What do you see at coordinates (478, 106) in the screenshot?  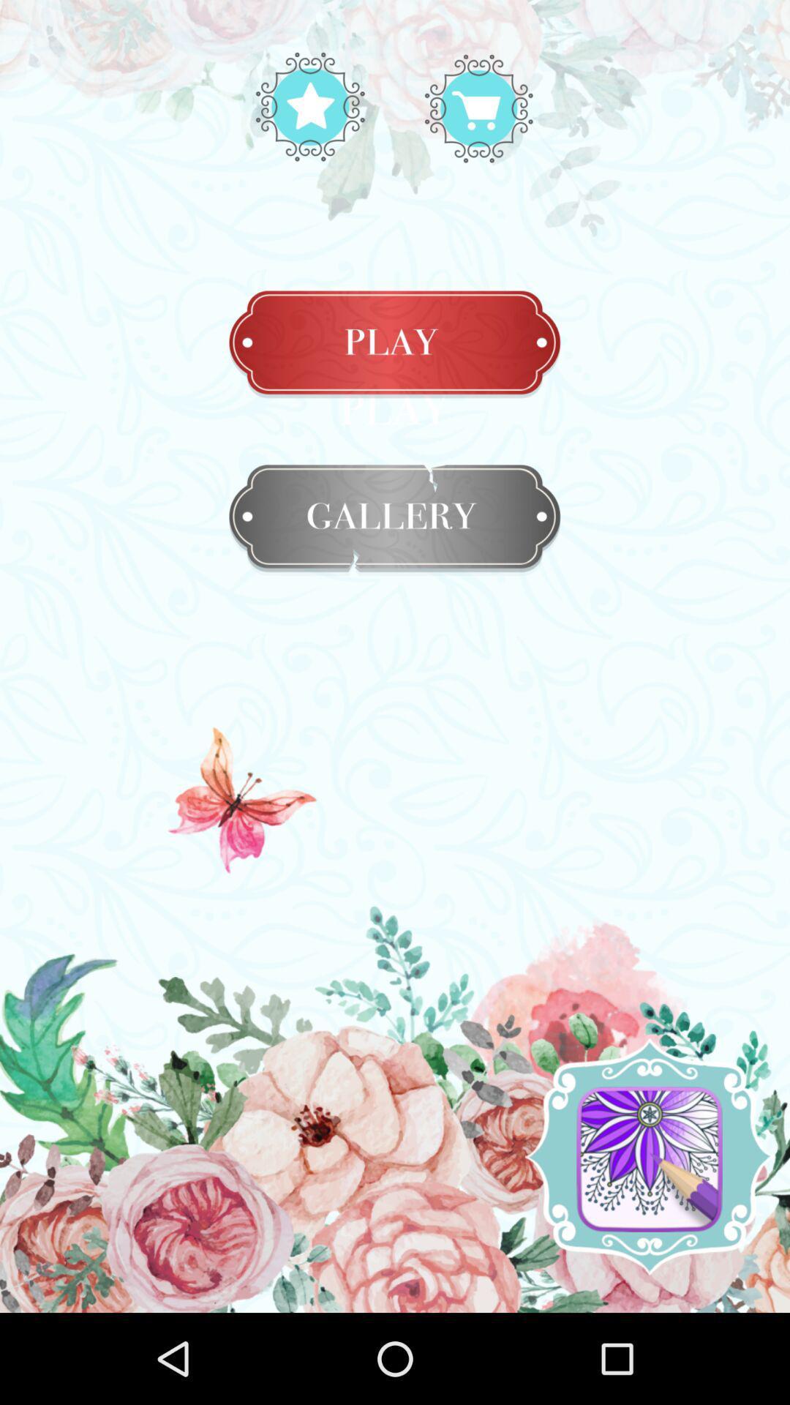 I see `the star icon` at bounding box center [478, 106].